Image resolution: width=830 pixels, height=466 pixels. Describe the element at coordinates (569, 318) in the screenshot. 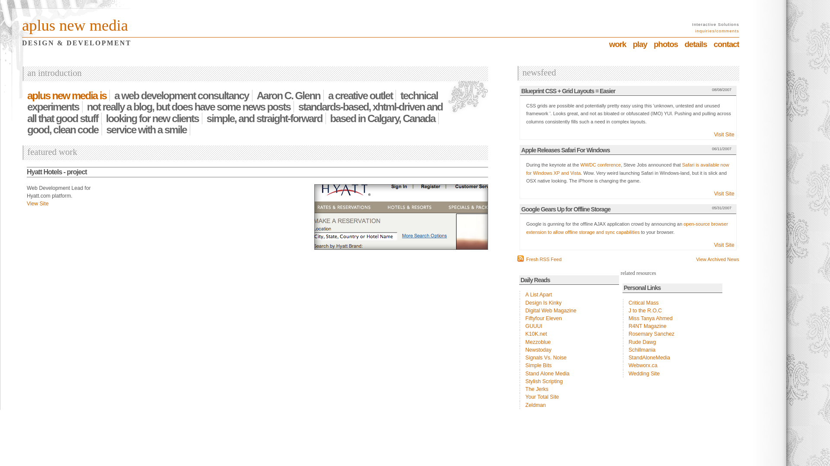

I see `'Fiftyfour Eleven'` at that location.